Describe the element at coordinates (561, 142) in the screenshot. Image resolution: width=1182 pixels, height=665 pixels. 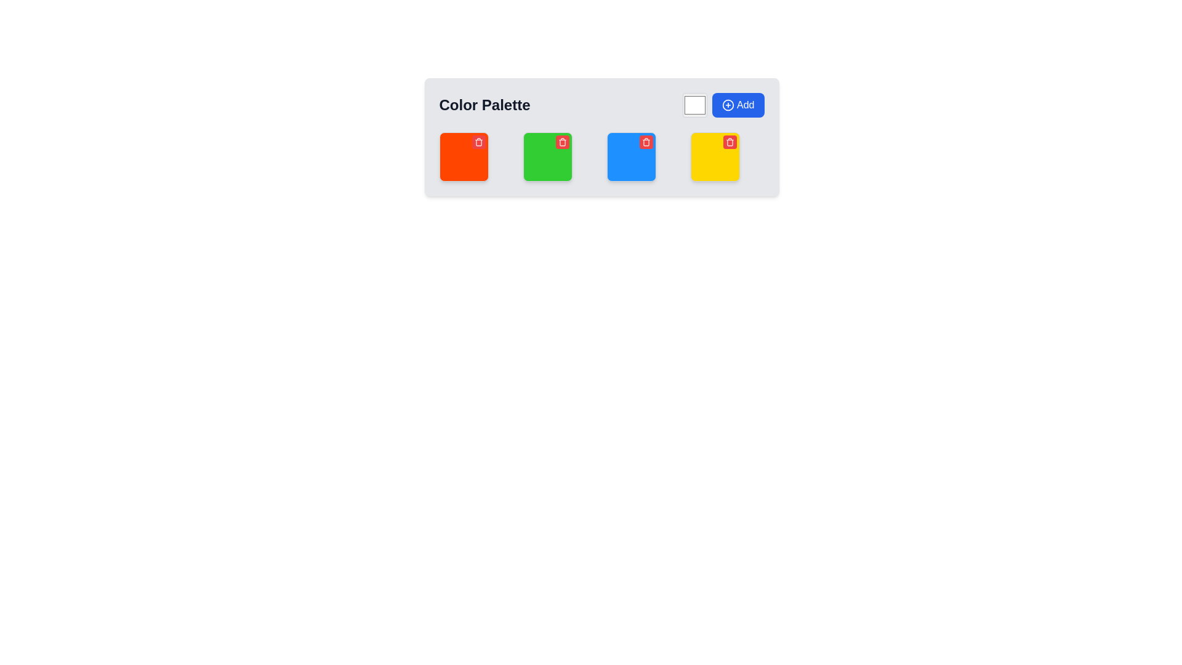
I see `the delete icon located in the top-right corner of the green square card within the Color Palette section` at that location.